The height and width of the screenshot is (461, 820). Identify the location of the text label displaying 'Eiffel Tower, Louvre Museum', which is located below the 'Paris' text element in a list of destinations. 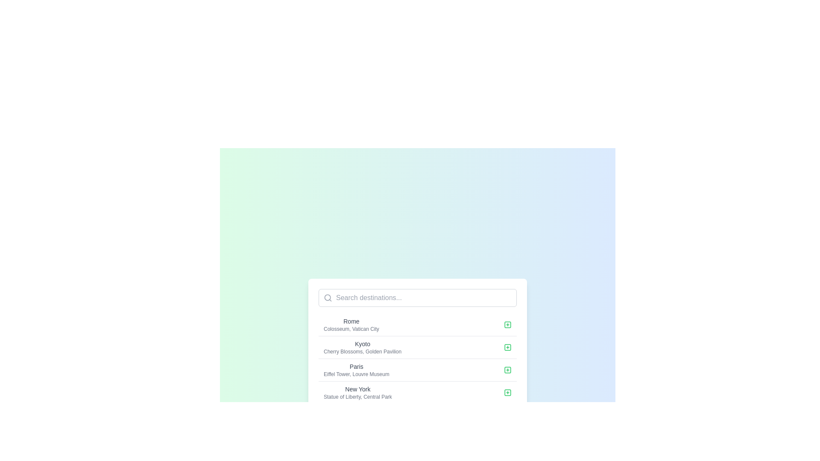
(356, 373).